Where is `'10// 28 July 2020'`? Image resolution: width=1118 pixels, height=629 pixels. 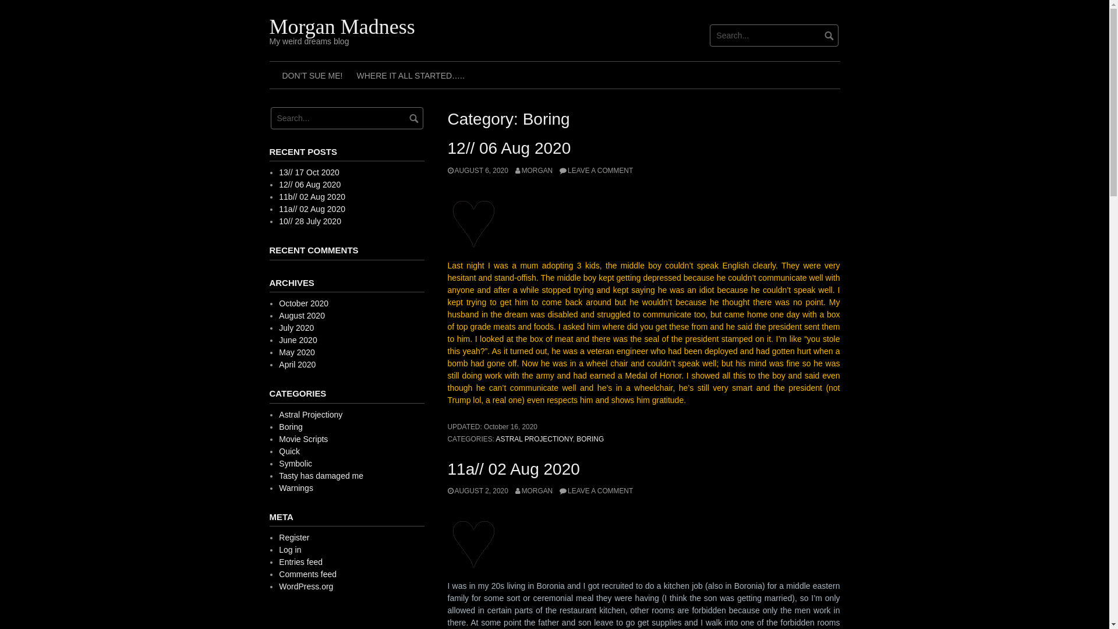
'10// 28 July 2020' is located at coordinates (310, 221).